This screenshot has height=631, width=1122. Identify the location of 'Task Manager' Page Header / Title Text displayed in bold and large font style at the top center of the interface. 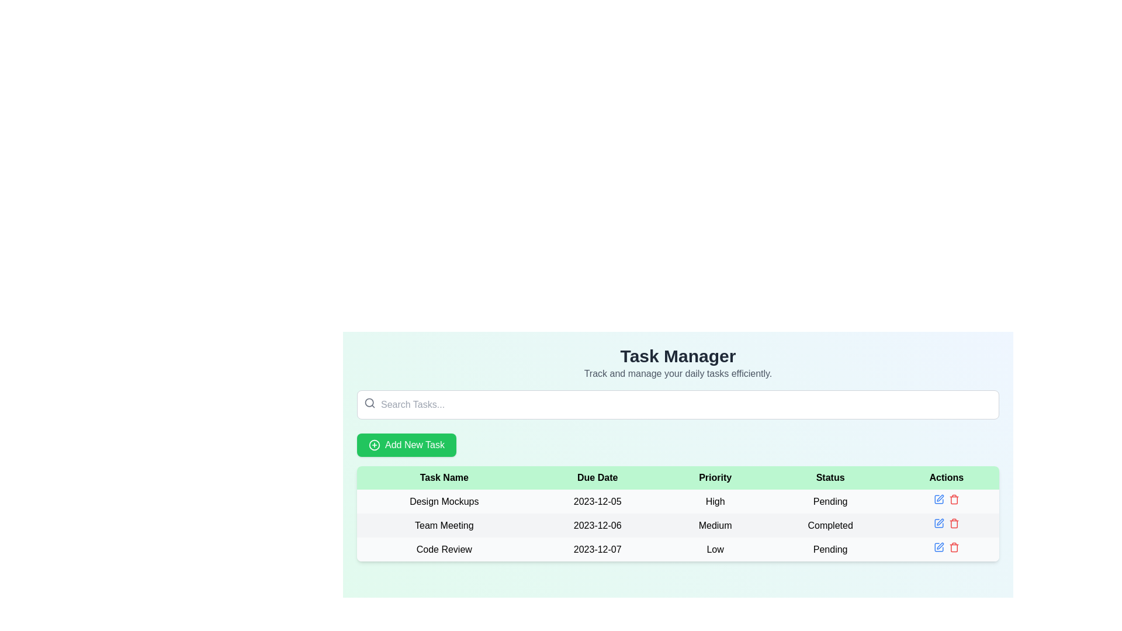
(678, 355).